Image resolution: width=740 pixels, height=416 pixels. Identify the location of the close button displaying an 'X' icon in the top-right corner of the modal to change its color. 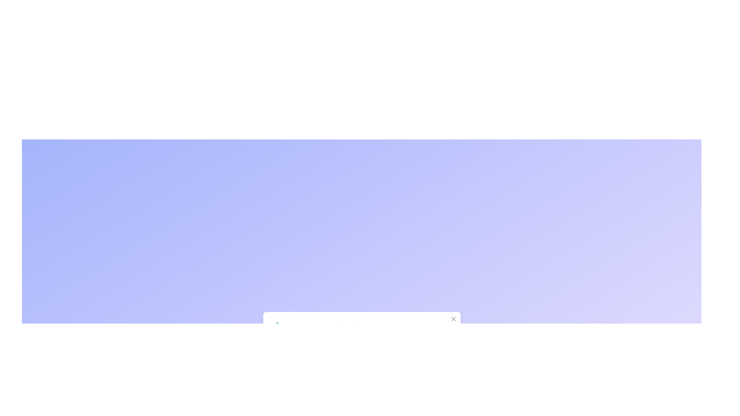
(453, 319).